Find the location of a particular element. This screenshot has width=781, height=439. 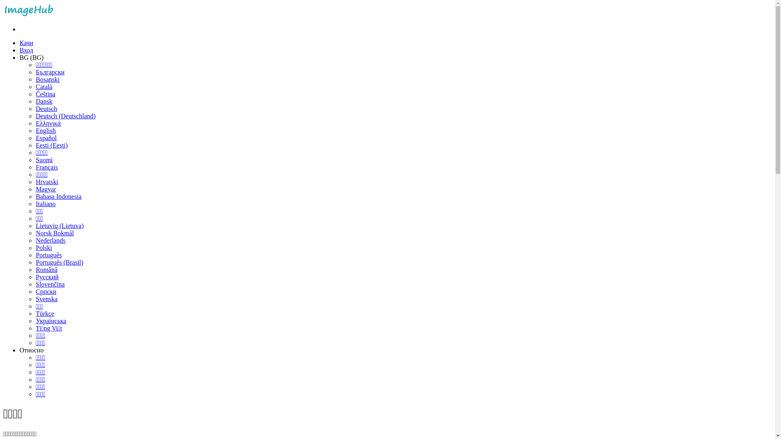

'Dansk' is located at coordinates (44, 101).